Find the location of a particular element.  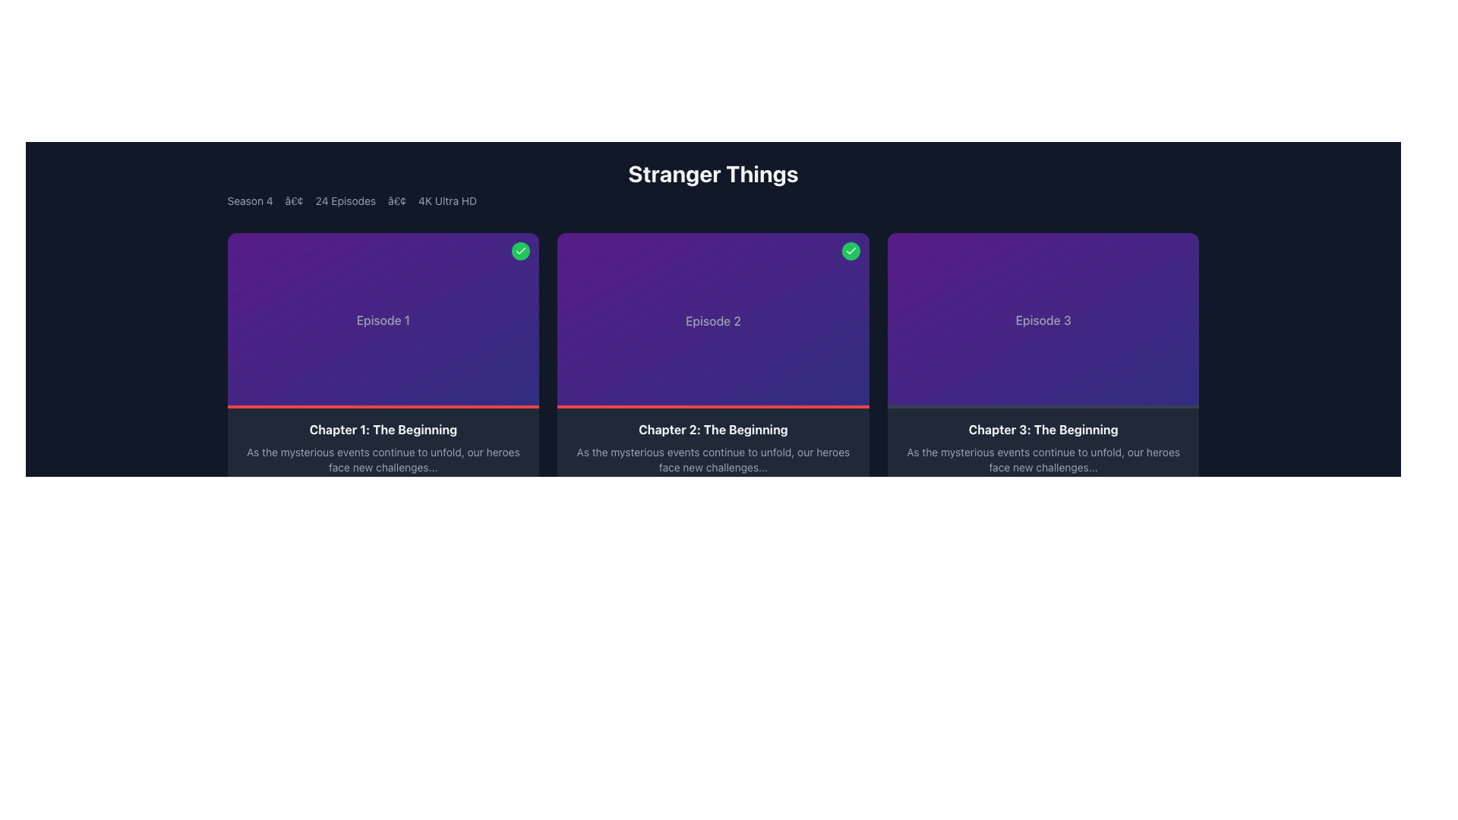

the small circular badge with a green background and a white checkmark icon located at the top-right corner of the 'Episode 2' card is located at coordinates (850, 251).